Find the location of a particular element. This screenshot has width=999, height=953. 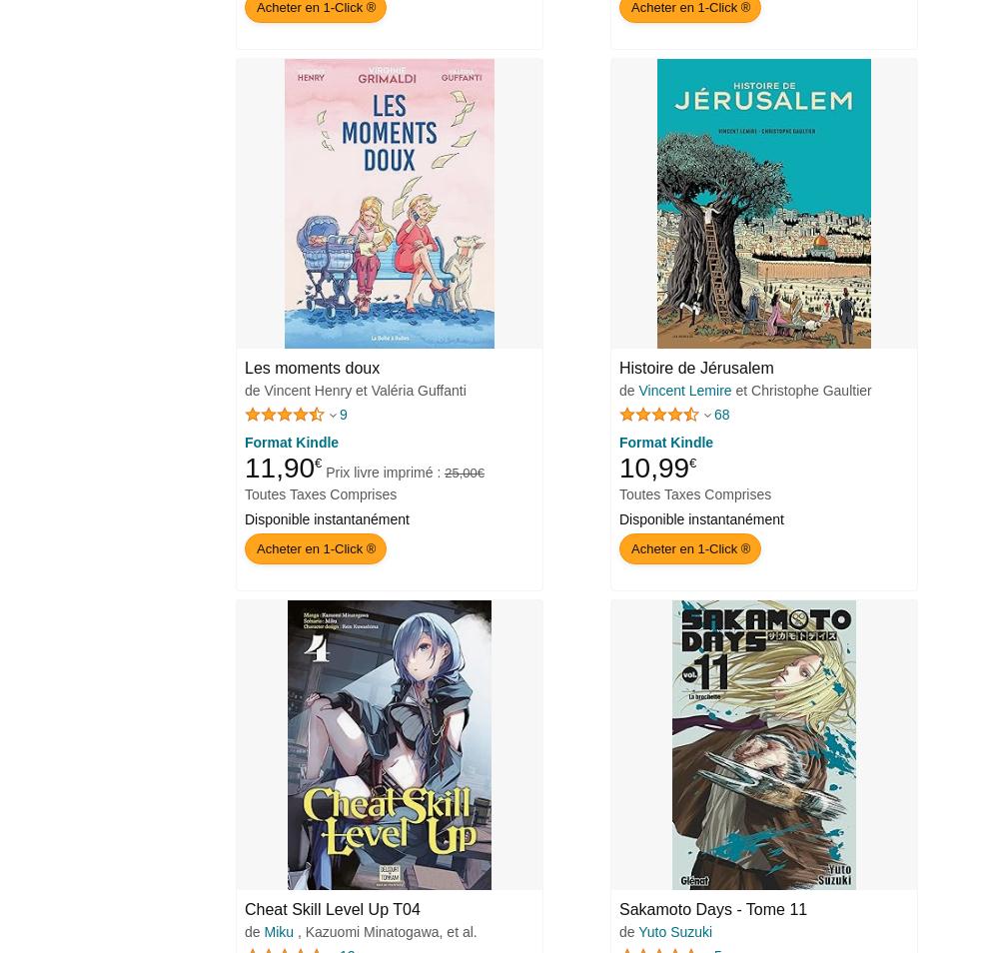

'Kazuomi Minatogawa' is located at coordinates (371, 932).